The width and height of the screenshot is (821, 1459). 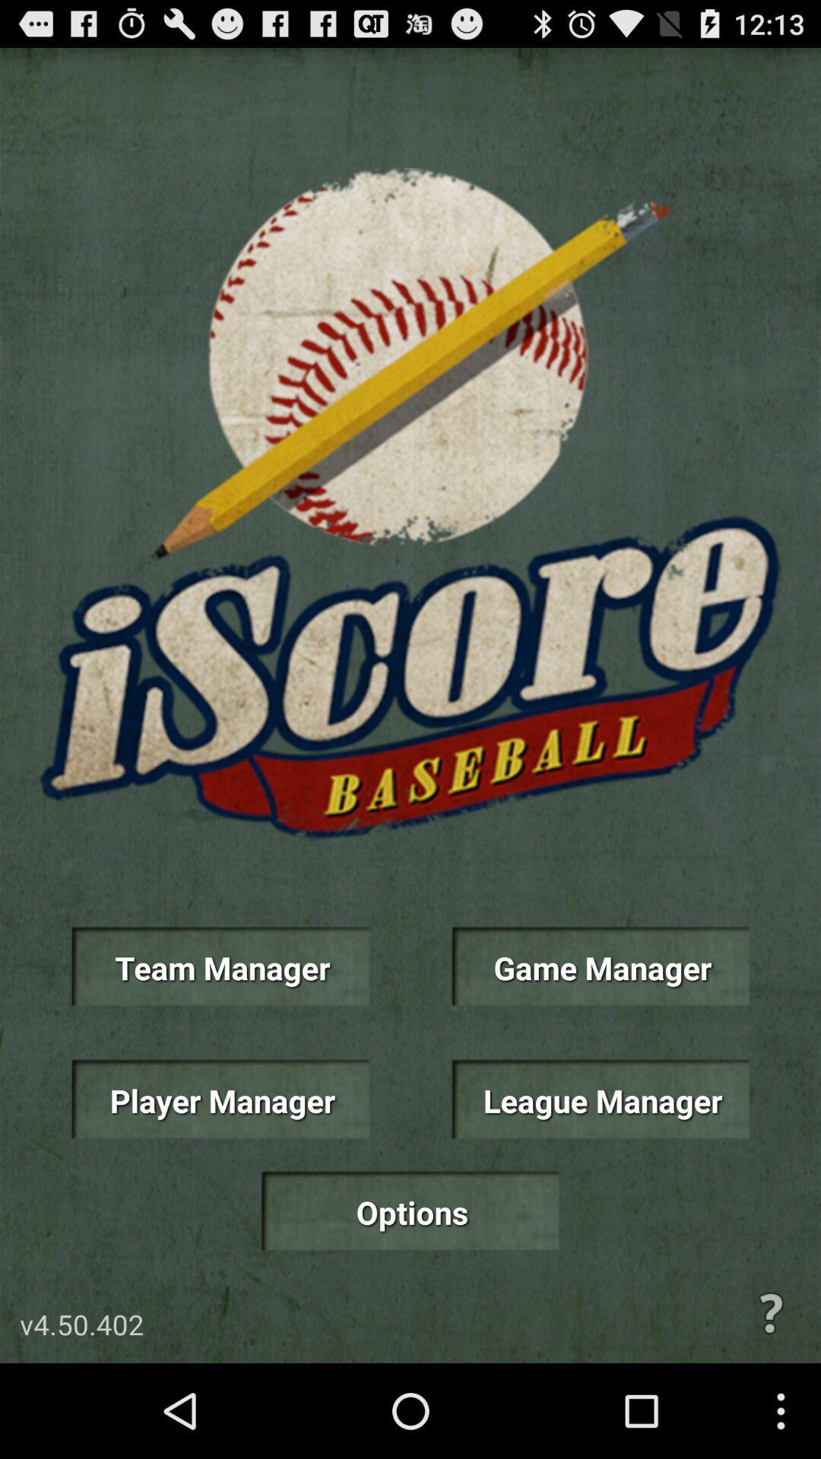 I want to click on icon next to player manager, so click(x=600, y=1099).